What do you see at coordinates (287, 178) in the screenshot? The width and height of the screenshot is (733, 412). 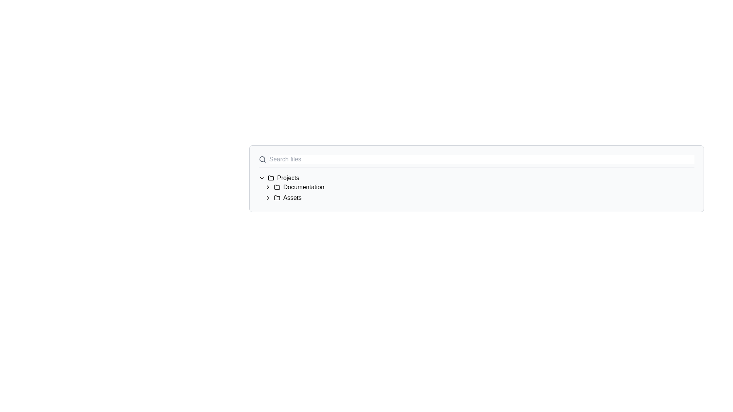 I see `the non-interactive text label that serves as a title for the 'Projects' section` at bounding box center [287, 178].